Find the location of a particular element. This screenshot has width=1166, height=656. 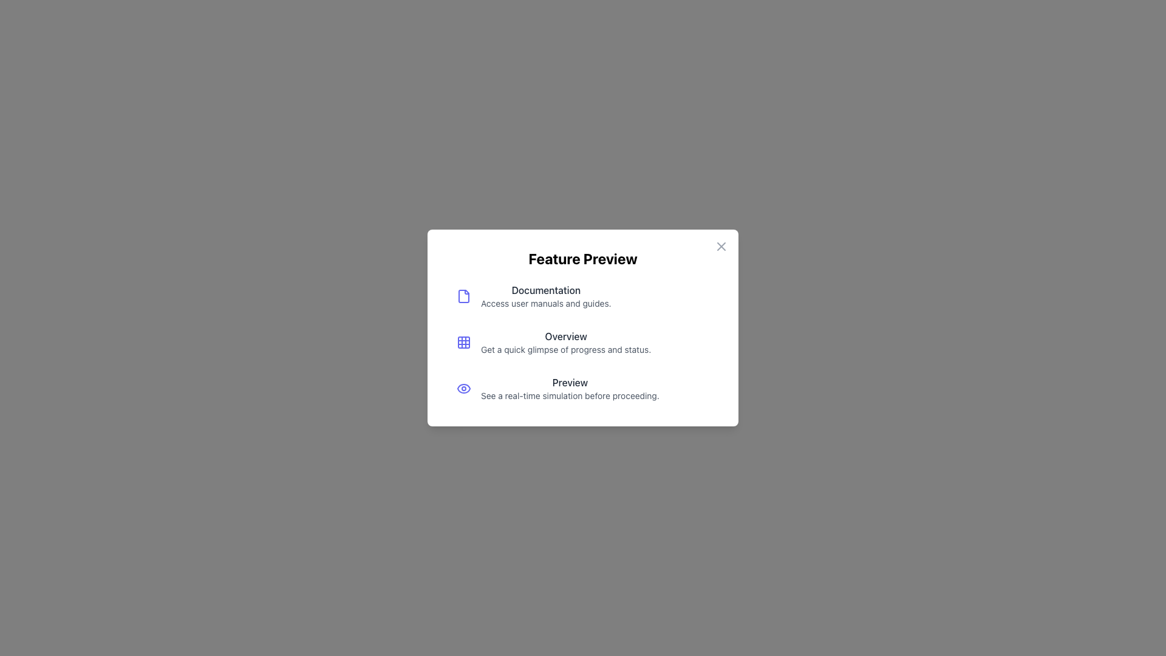

the small, square 'X' icon in the top-right corner of the white modal box is located at coordinates (721, 246).